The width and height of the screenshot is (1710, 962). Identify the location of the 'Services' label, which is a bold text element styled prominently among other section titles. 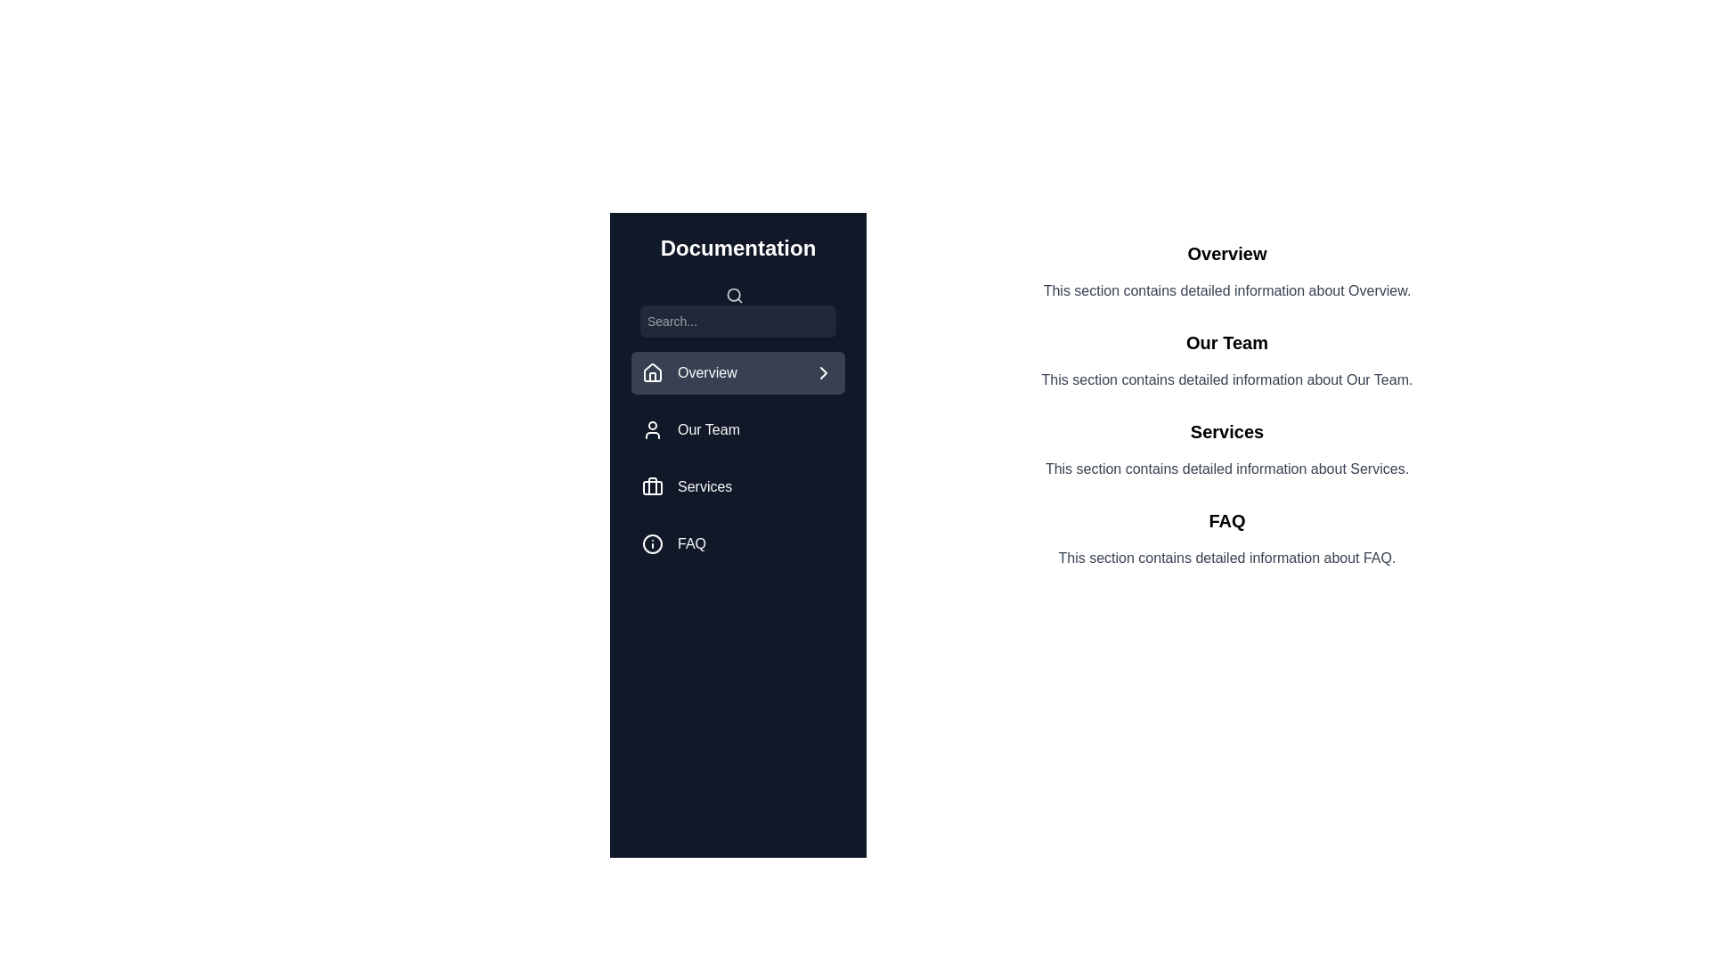
(1225, 432).